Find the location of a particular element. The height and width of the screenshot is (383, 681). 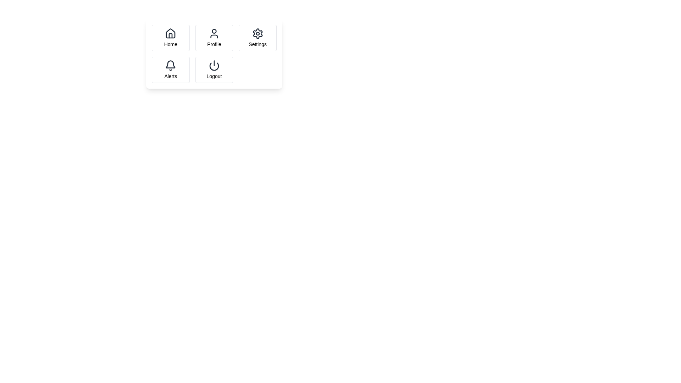

the Text Label that describes the 'Alerts' functionality, located below the bell icon in the bordered and rounded rectangular card in the grid layout is located at coordinates (171, 76).